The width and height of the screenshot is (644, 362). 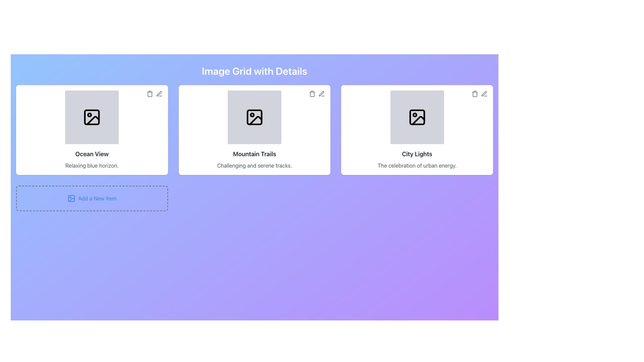 I want to click on the decorative rectangle with rounded corners located near the center-top of the 'Ocean View' icon in the image grid, so click(x=92, y=117).